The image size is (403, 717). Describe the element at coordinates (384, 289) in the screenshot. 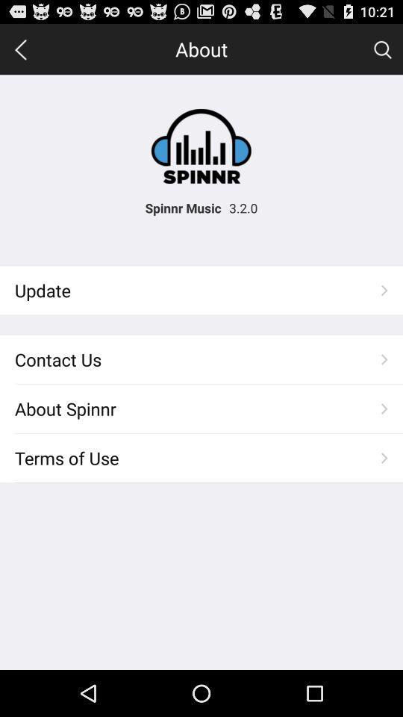

I see `the button right to the text update` at that location.